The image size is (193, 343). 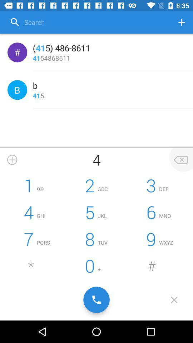 What do you see at coordinates (12, 160) in the screenshot?
I see `contact` at bounding box center [12, 160].